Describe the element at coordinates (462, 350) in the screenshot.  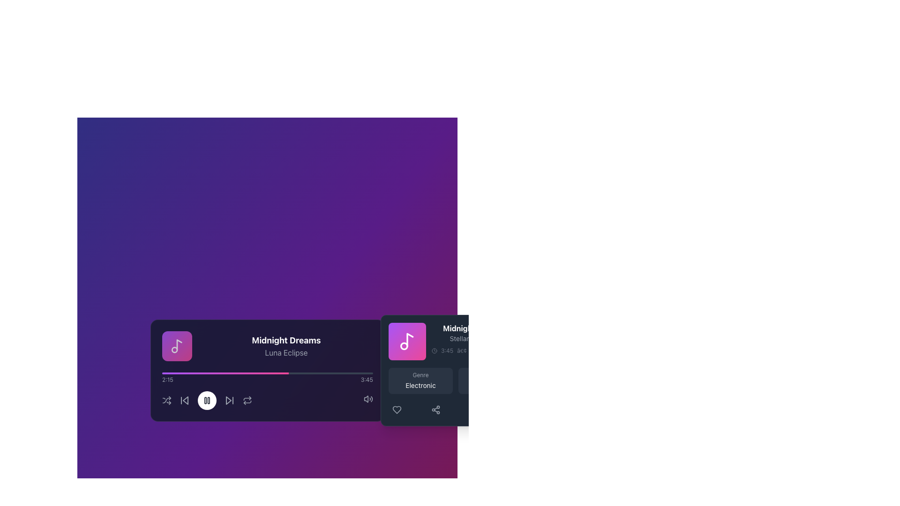
I see `the Textual separator (Typographic bullet) that visually separates information in the text, located after '3:45'` at that location.